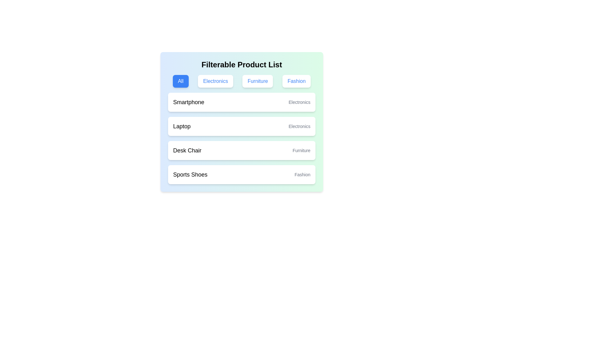 The width and height of the screenshot is (610, 343). Describe the element at coordinates (241, 175) in the screenshot. I see `the product list item Sports Shoes` at that location.